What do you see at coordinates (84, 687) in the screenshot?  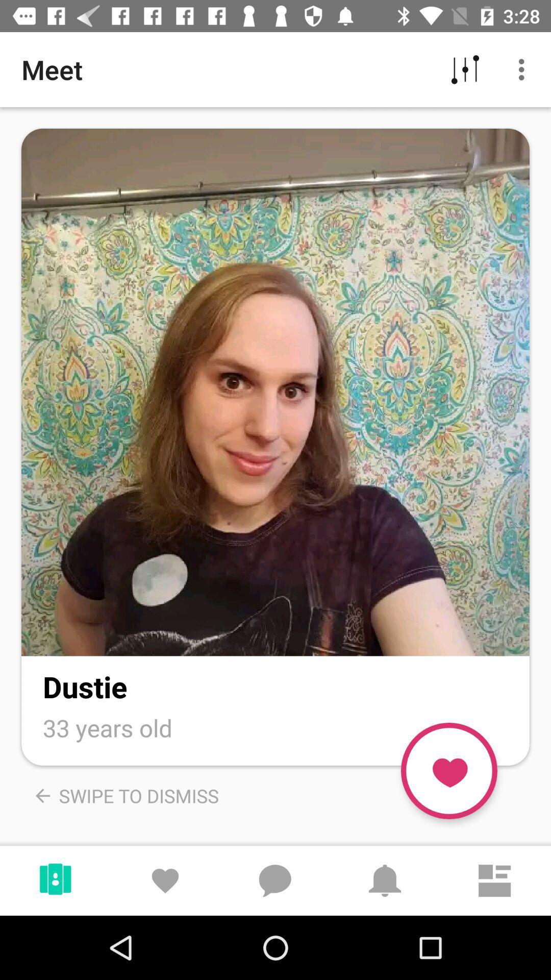 I see `the dustie icon` at bounding box center [84, 687].